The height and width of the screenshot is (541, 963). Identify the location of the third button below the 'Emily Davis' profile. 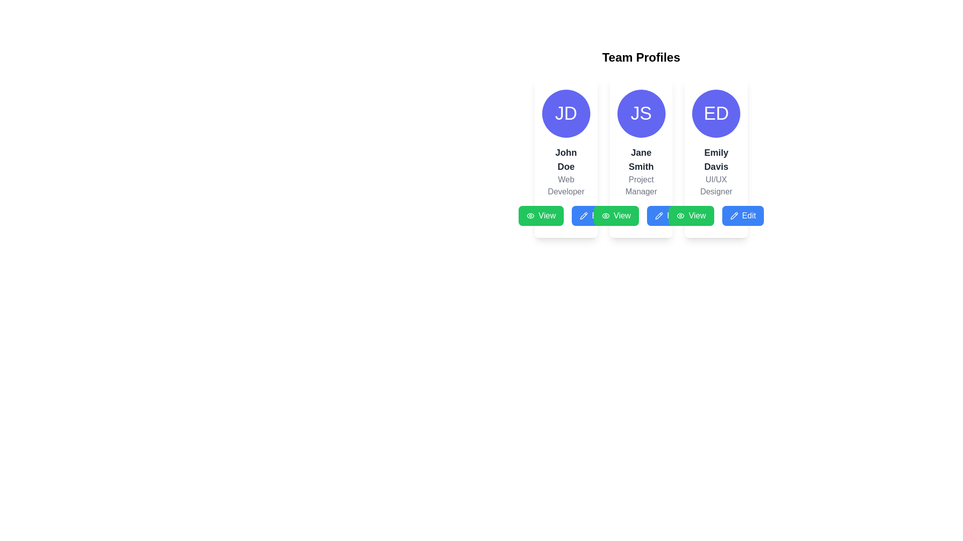
(743, 215).